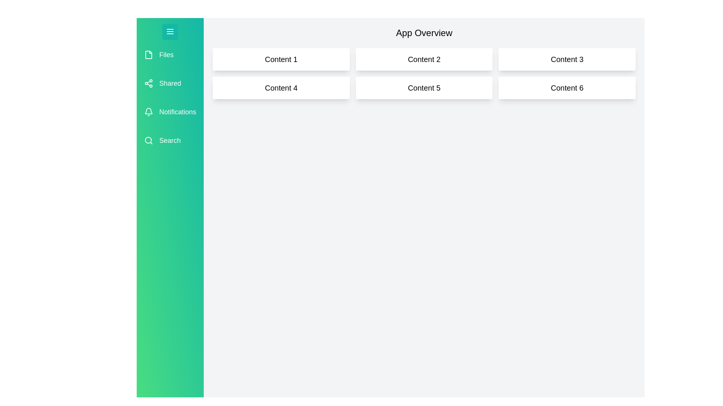 The width and height of the screenshot is (723, 406). What do you see at coordinates (169, 55) in the screenshot?
I see `the navigation item Files from the drawer` at bounding box center [169, 55].